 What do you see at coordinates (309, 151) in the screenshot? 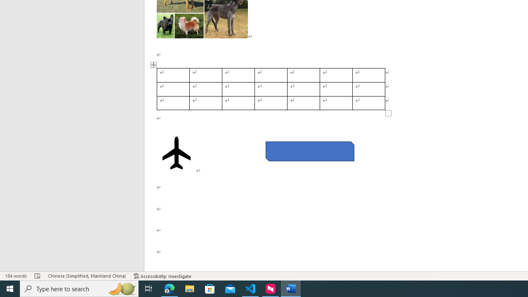
I see `'Rectangle: Diagonal Corners Snipped 2'` at bounding box center [309, 151].